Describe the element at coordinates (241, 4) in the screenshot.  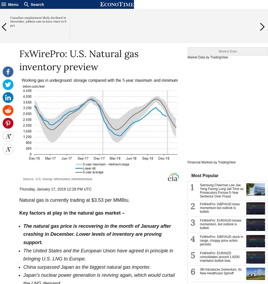
I see `'Become a contributor'` at that location.